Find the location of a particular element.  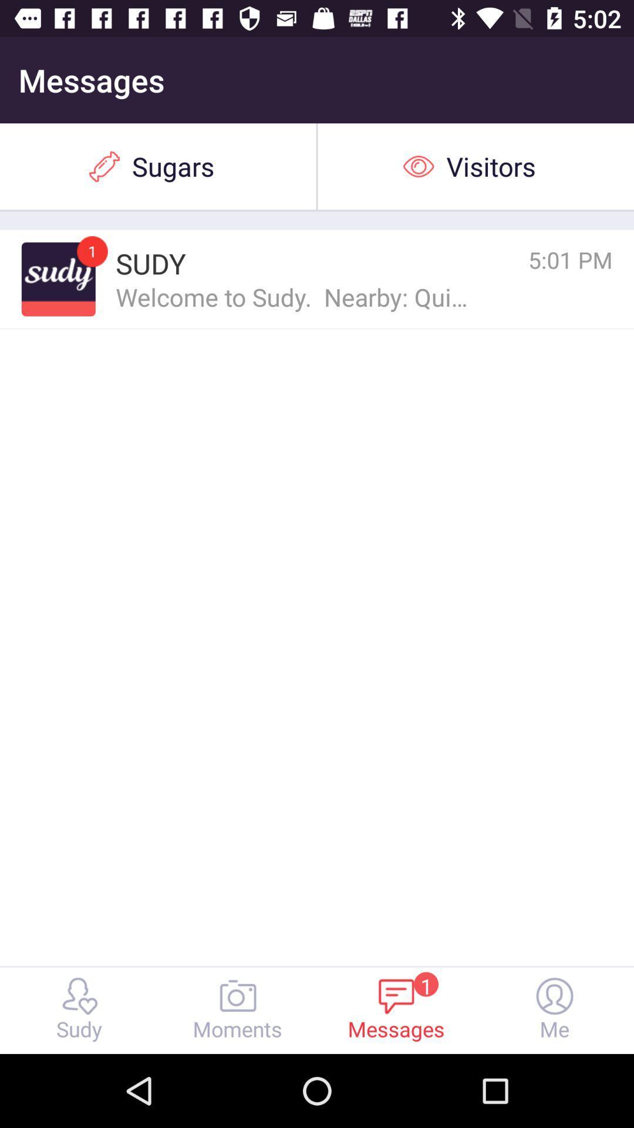

icon to the right of sudy is located at coordinates (518, 259).